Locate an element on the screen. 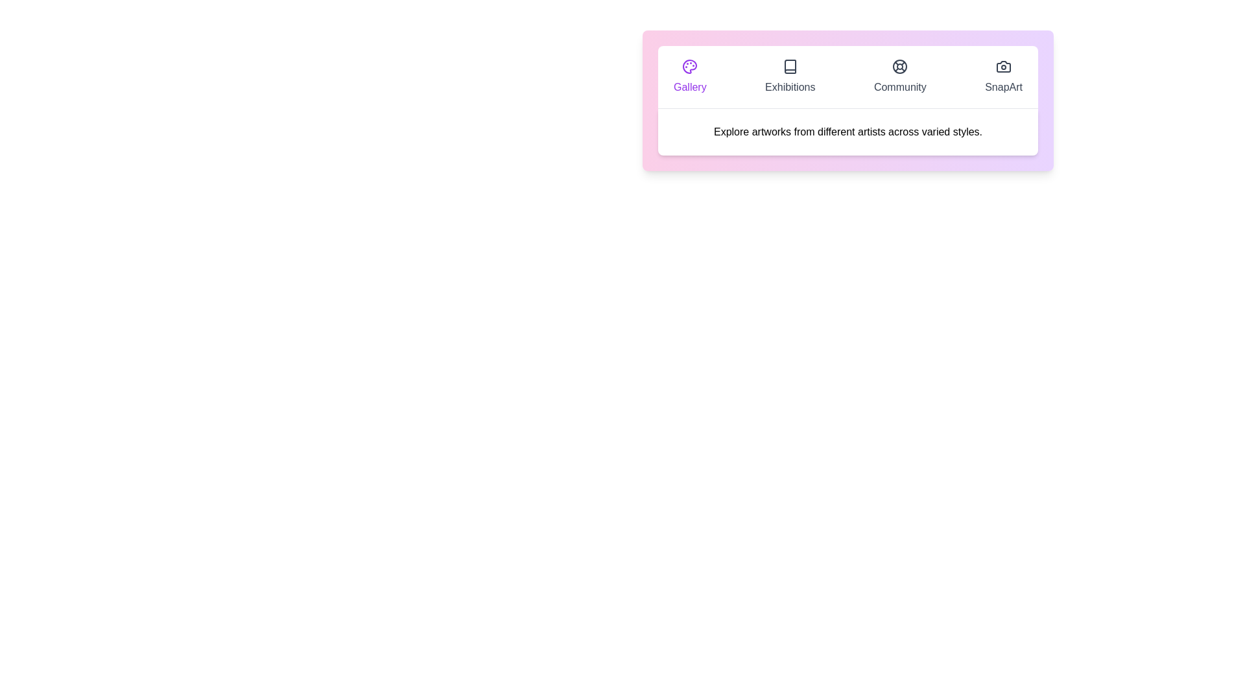  the tab labeled Gallery to display its content is located at coordinates (689, 77).